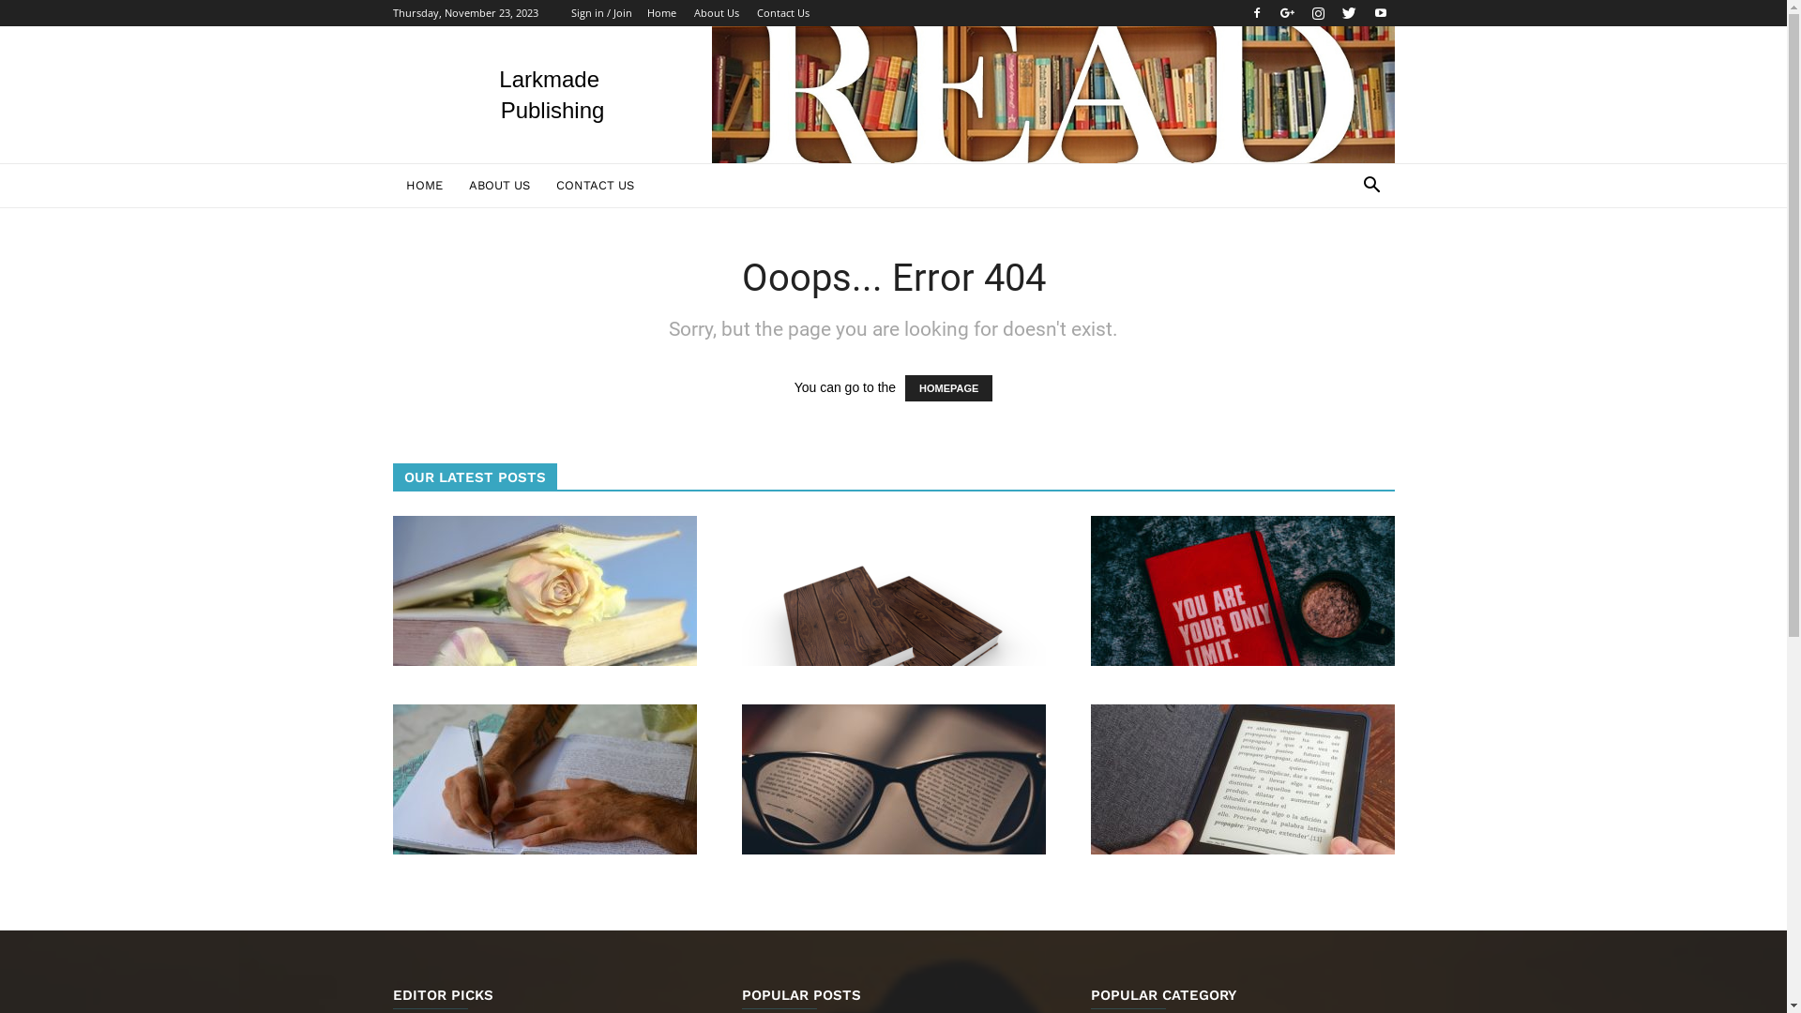  What do you see at coordinates (661, 12) in the screenshot?
I see `'Home'` at bounding box center [661, 12].